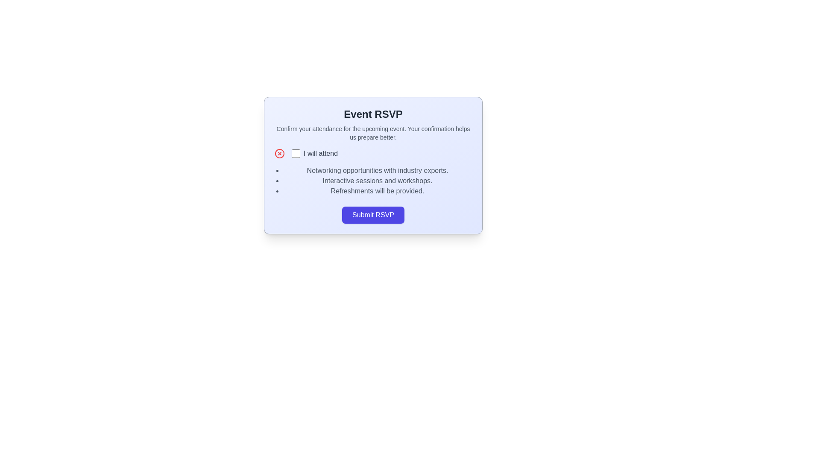 The image size is (820, 461). Describe the element at coordinates (314, 153) in the screenshot. I see `the checkbox labeled 'I will attend' to check or uncheck it` at that location.